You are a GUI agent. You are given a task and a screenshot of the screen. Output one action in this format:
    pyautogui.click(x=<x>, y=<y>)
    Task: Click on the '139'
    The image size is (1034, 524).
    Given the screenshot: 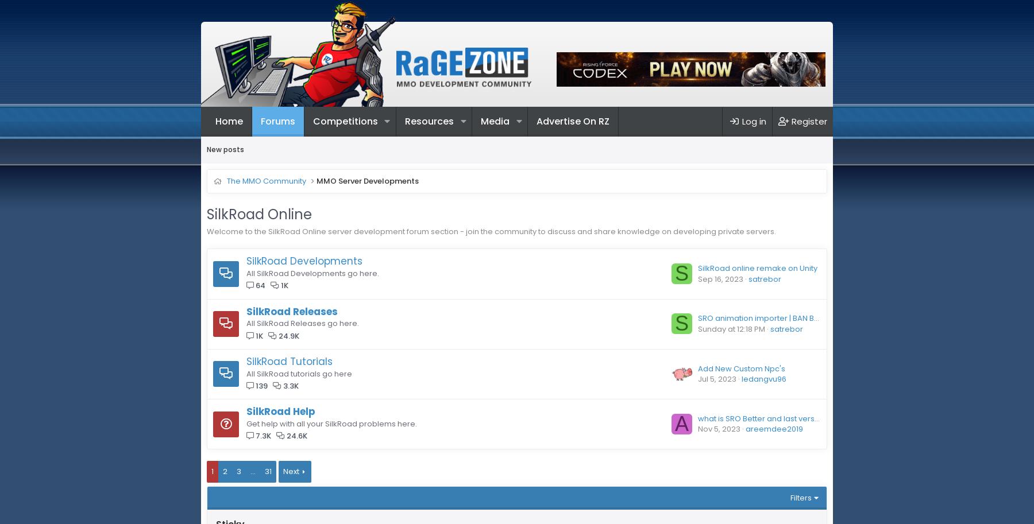 What is the action you would take?
    pyautogui.click(x=261, y=385)
    